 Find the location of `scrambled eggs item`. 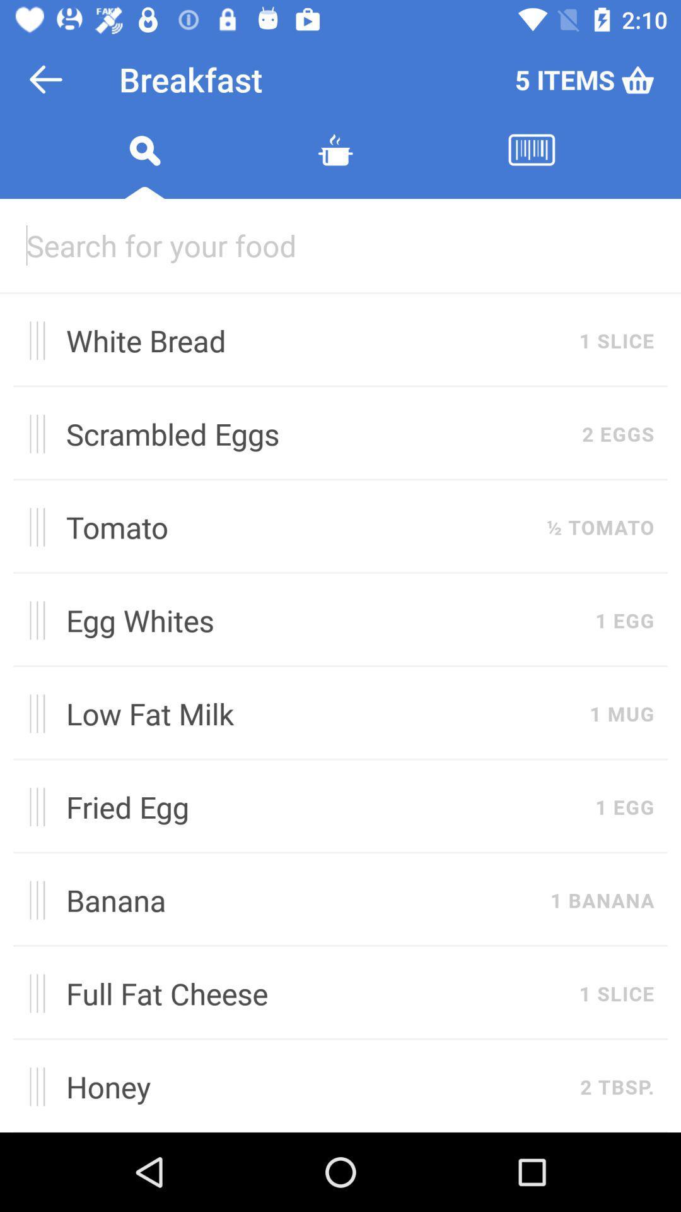

scrambled eggs item is located at coordinates (317, 434).